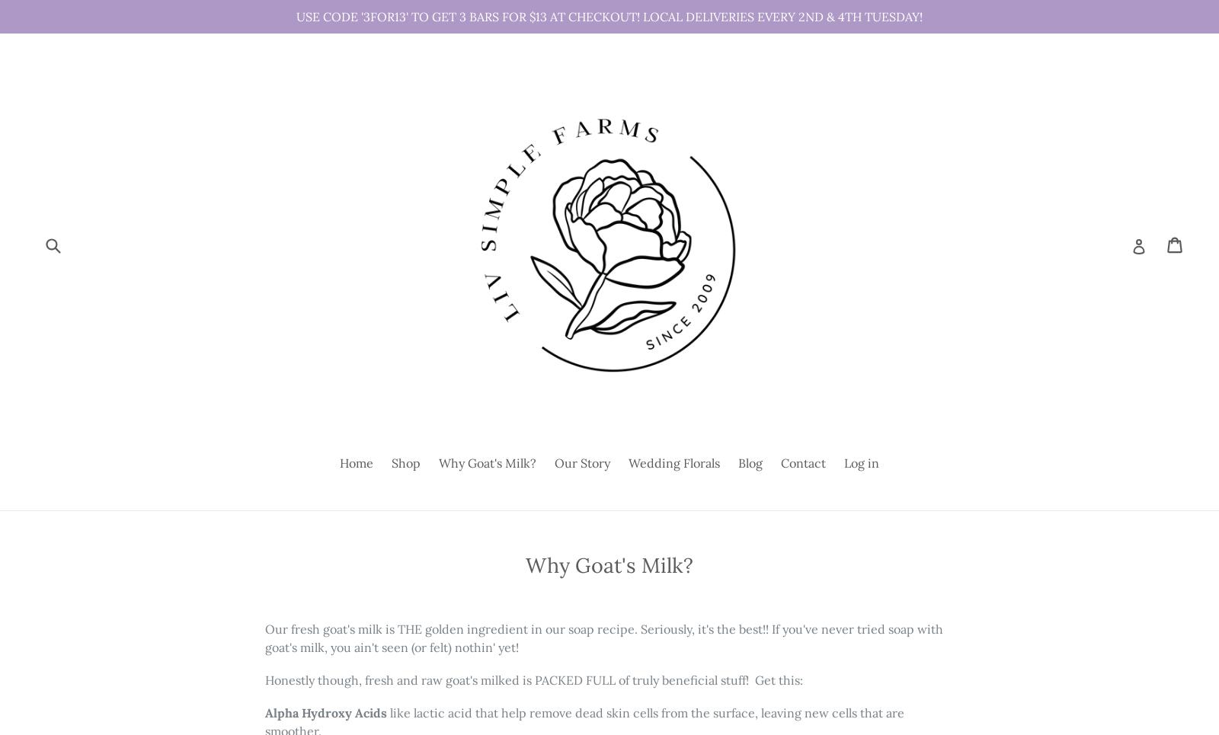  Describe the element at coordinates (405, 462) in the screenshot. I see `'Shop'` at that location.